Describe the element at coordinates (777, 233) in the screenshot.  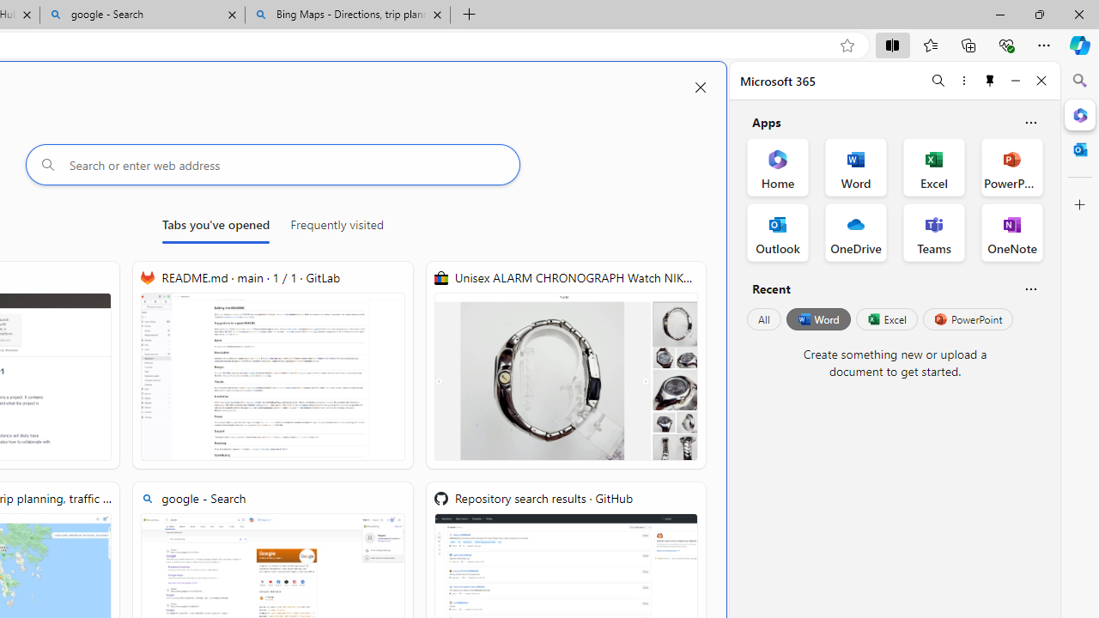
I see `'Outlook Office App'` at that location.